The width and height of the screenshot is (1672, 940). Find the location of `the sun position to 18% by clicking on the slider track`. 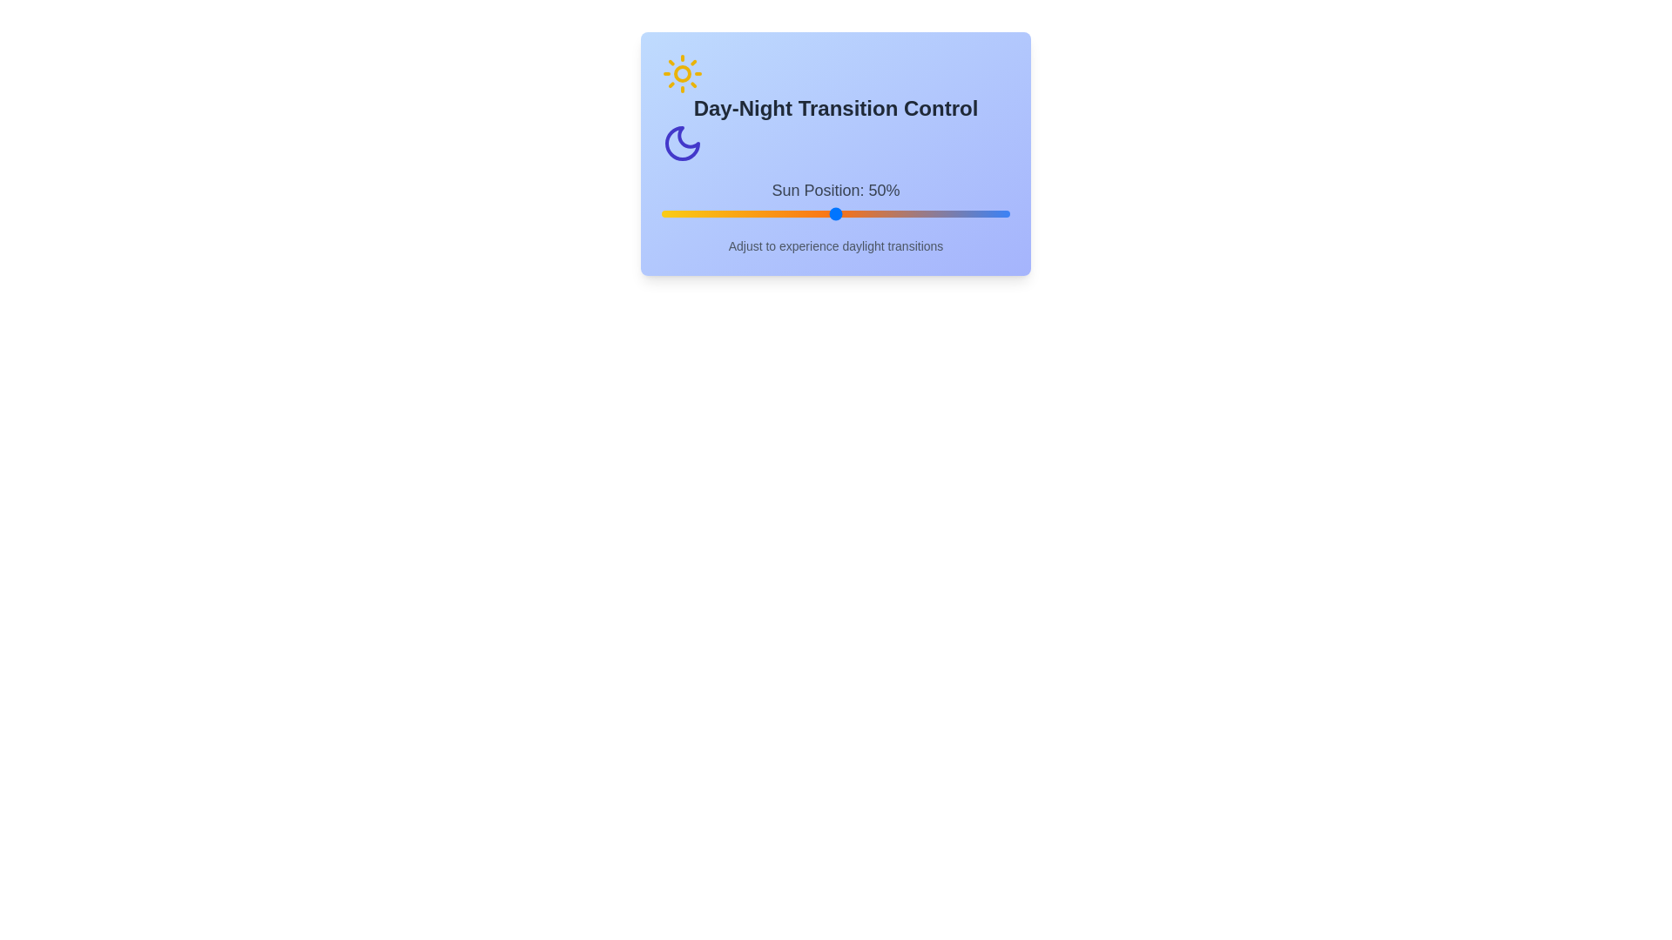

the sun position to 18% by clicking on the slider track is located at coordinates (724, 213).